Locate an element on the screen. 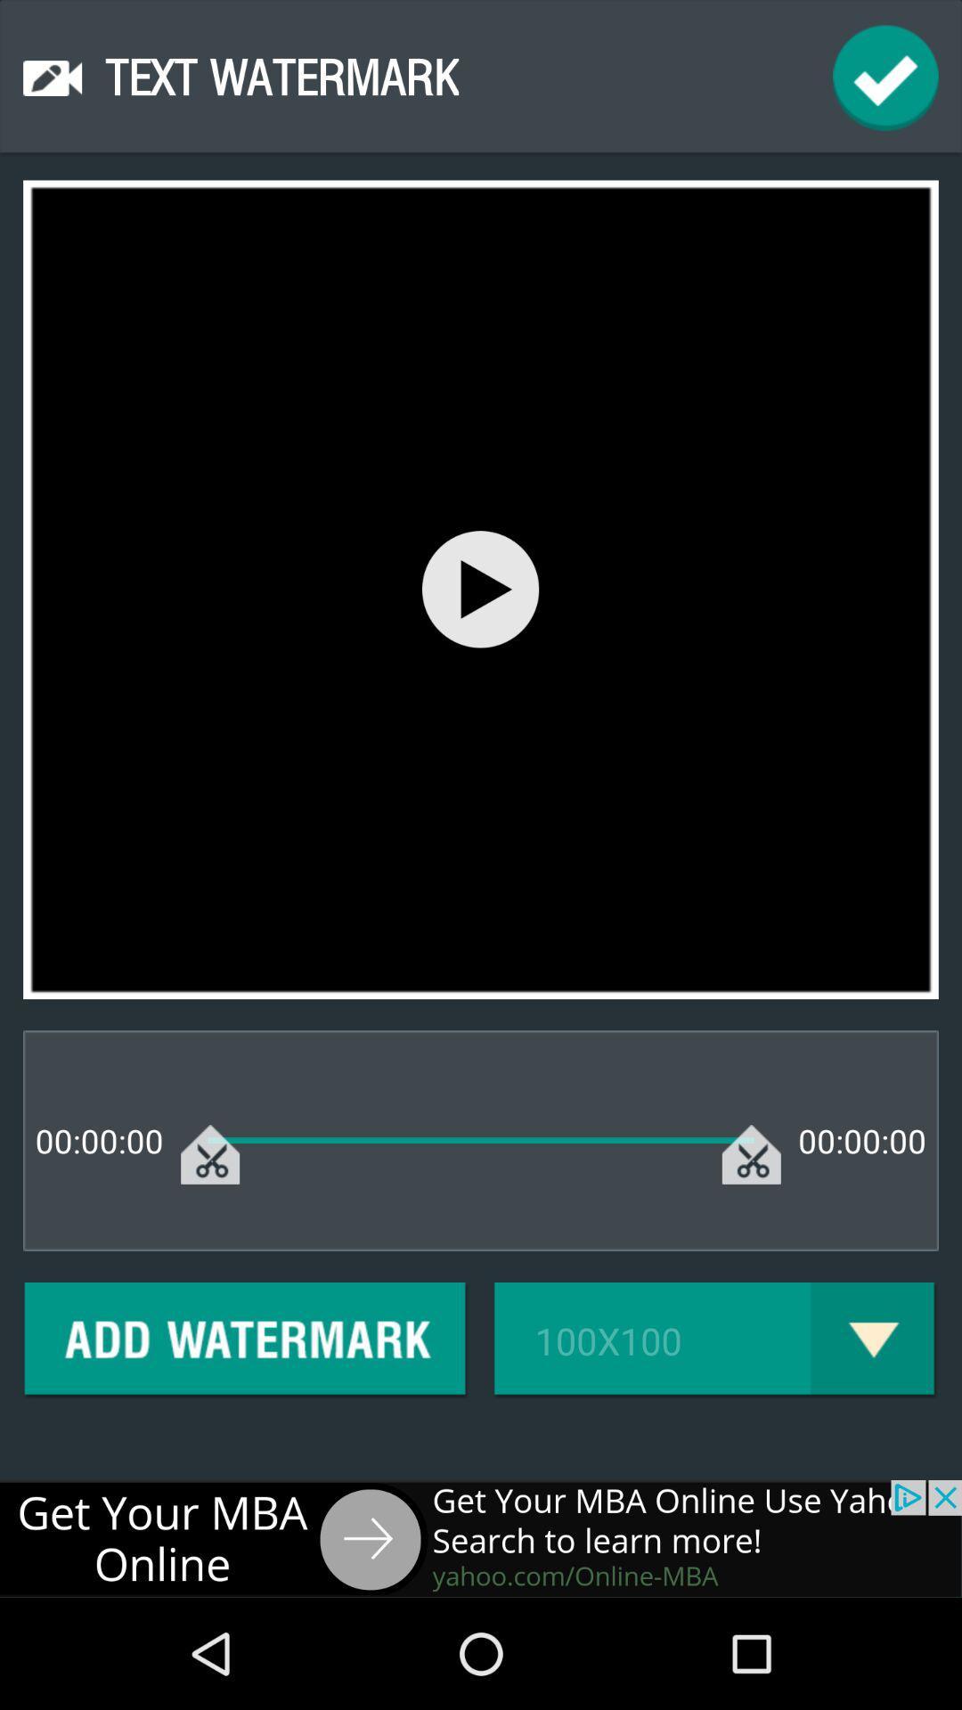 Image resolution: width=962 pixels, height=1710 pixels. watemark button is located at coordinates (246, 1340).